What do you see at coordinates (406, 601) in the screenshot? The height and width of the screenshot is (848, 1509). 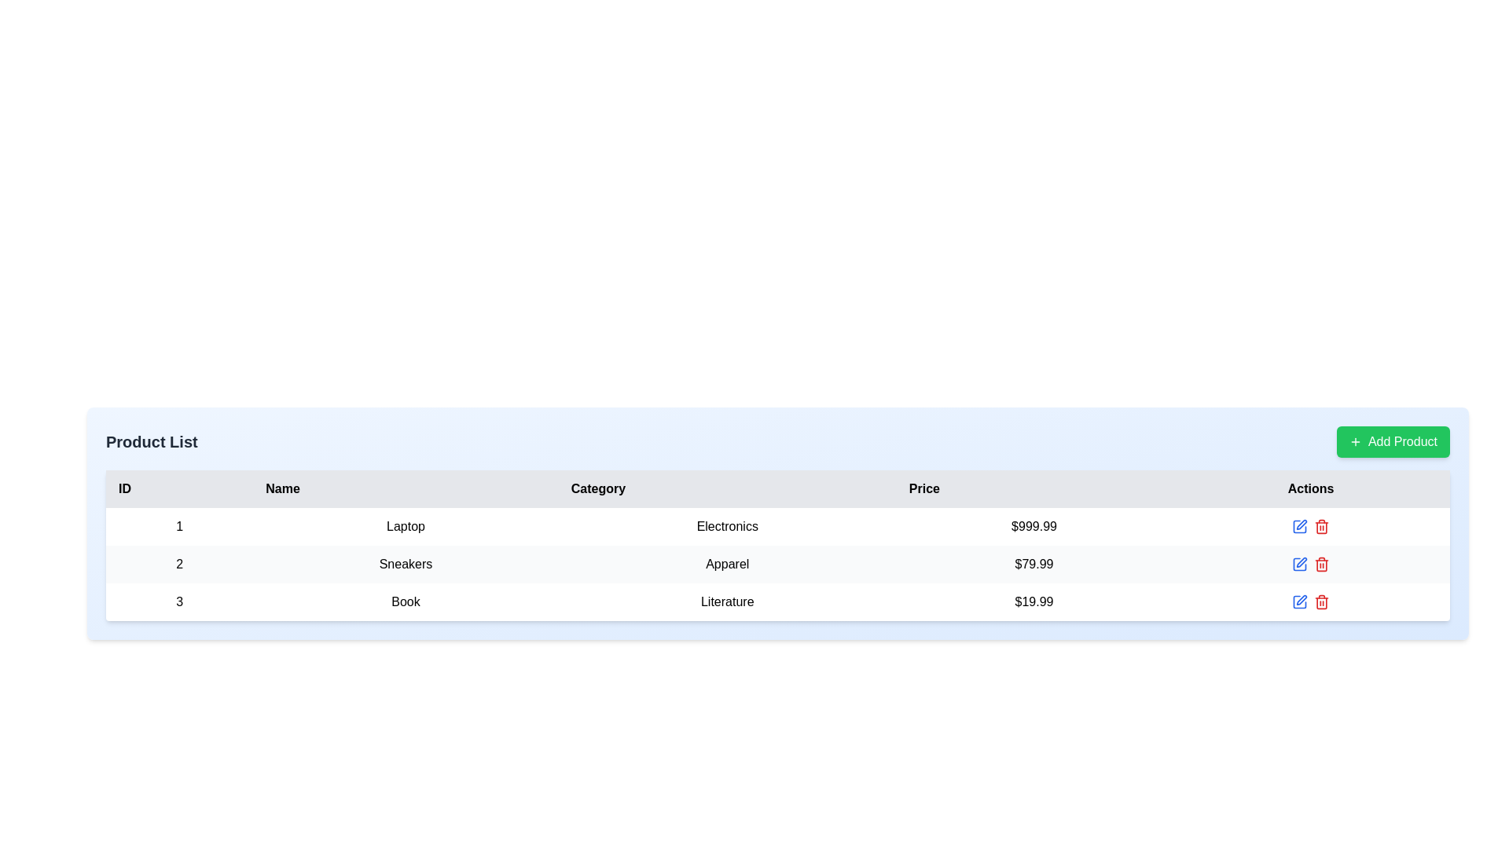 I see `the Static Text Display that shows the text 'Book' located in the third row of the 'Name' column in the 'Product List' section` at bounding box center [406, 601].